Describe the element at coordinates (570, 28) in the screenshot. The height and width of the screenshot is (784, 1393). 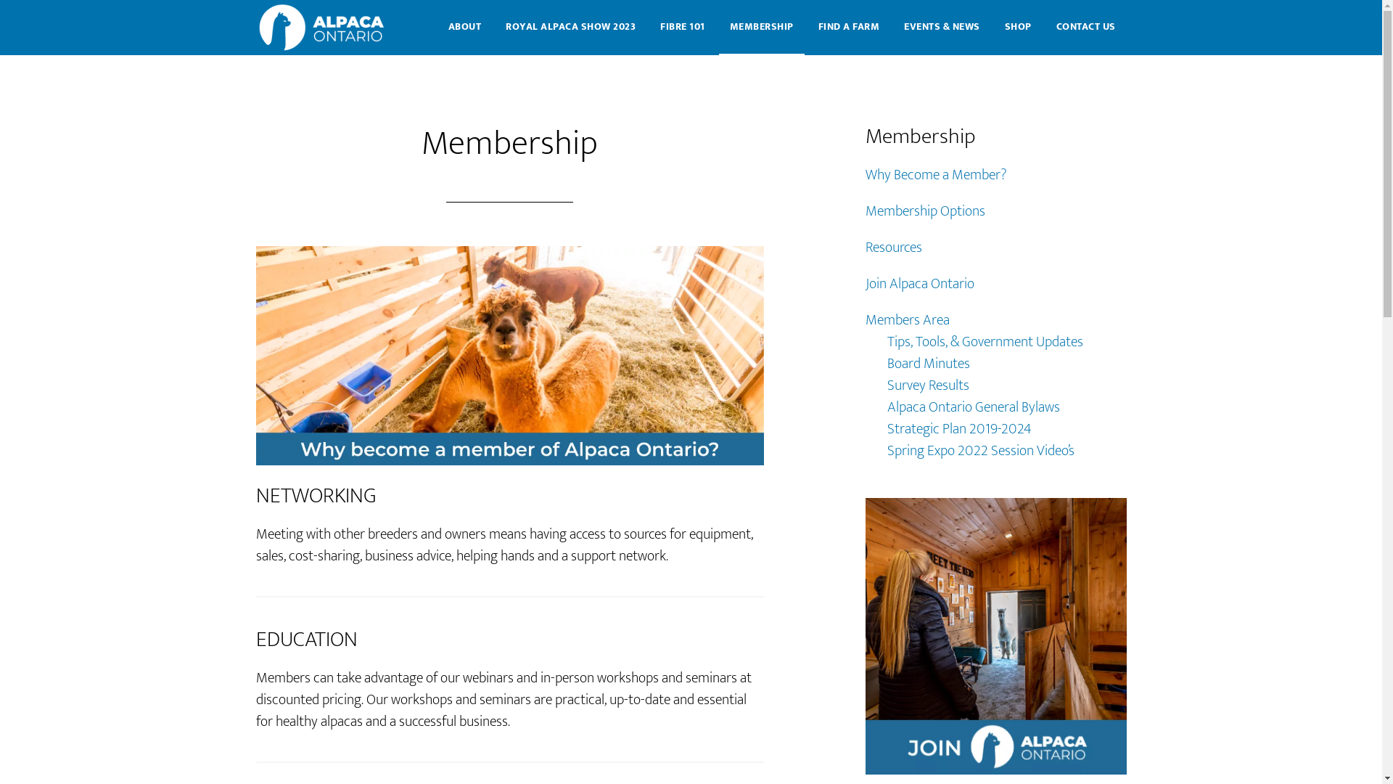
I see `'ROYAL ALPACA SHOW 2023'` at that location.